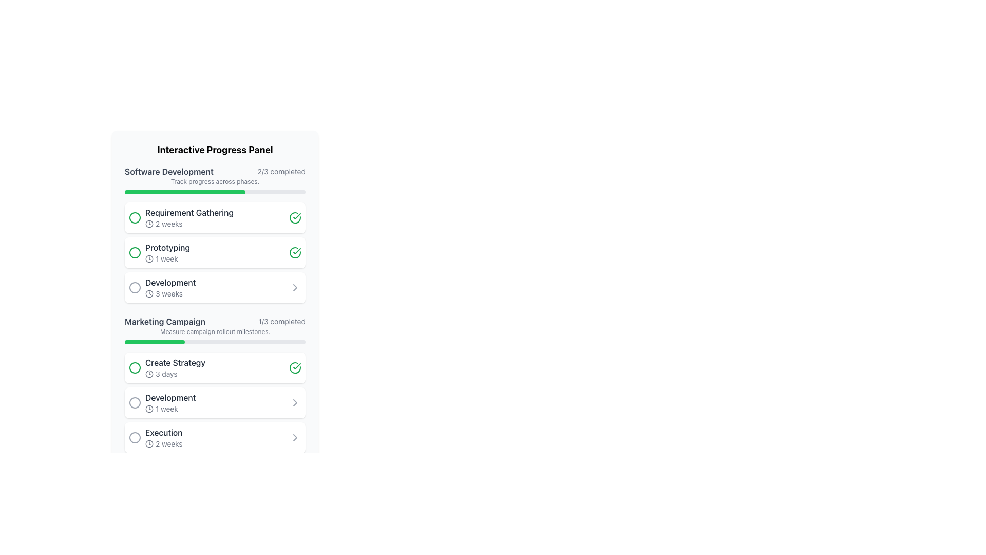  Describe the element at coordinates (135, 367) in the screenshot. I see `the visual representation of the SVG Circle icon with a green stroke located in the 'Marketing Campaign' section under the 'Create Strategy' task` at that location.